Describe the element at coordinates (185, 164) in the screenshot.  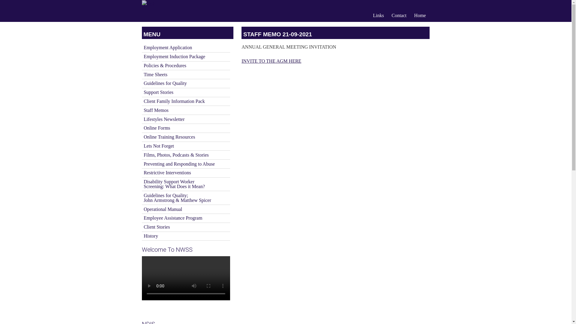
I see `'Preventing and Responding to Abuse'` at that location.